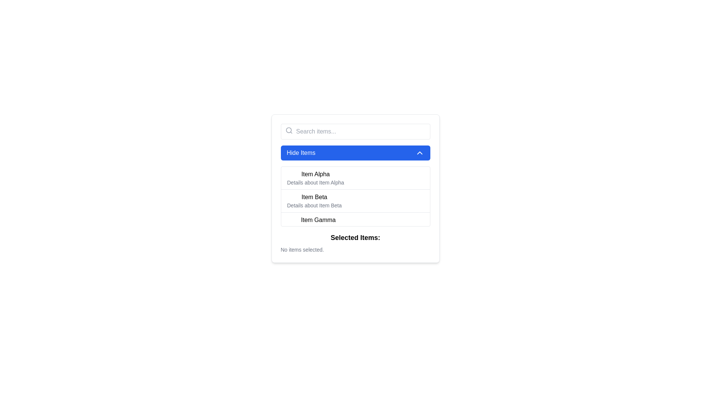 This screenshot has height=405, width=721. Describe the element at coordinates (355, 131) in the screenshot. I see `the text input field with a light gray border and rounded corners` at that location.